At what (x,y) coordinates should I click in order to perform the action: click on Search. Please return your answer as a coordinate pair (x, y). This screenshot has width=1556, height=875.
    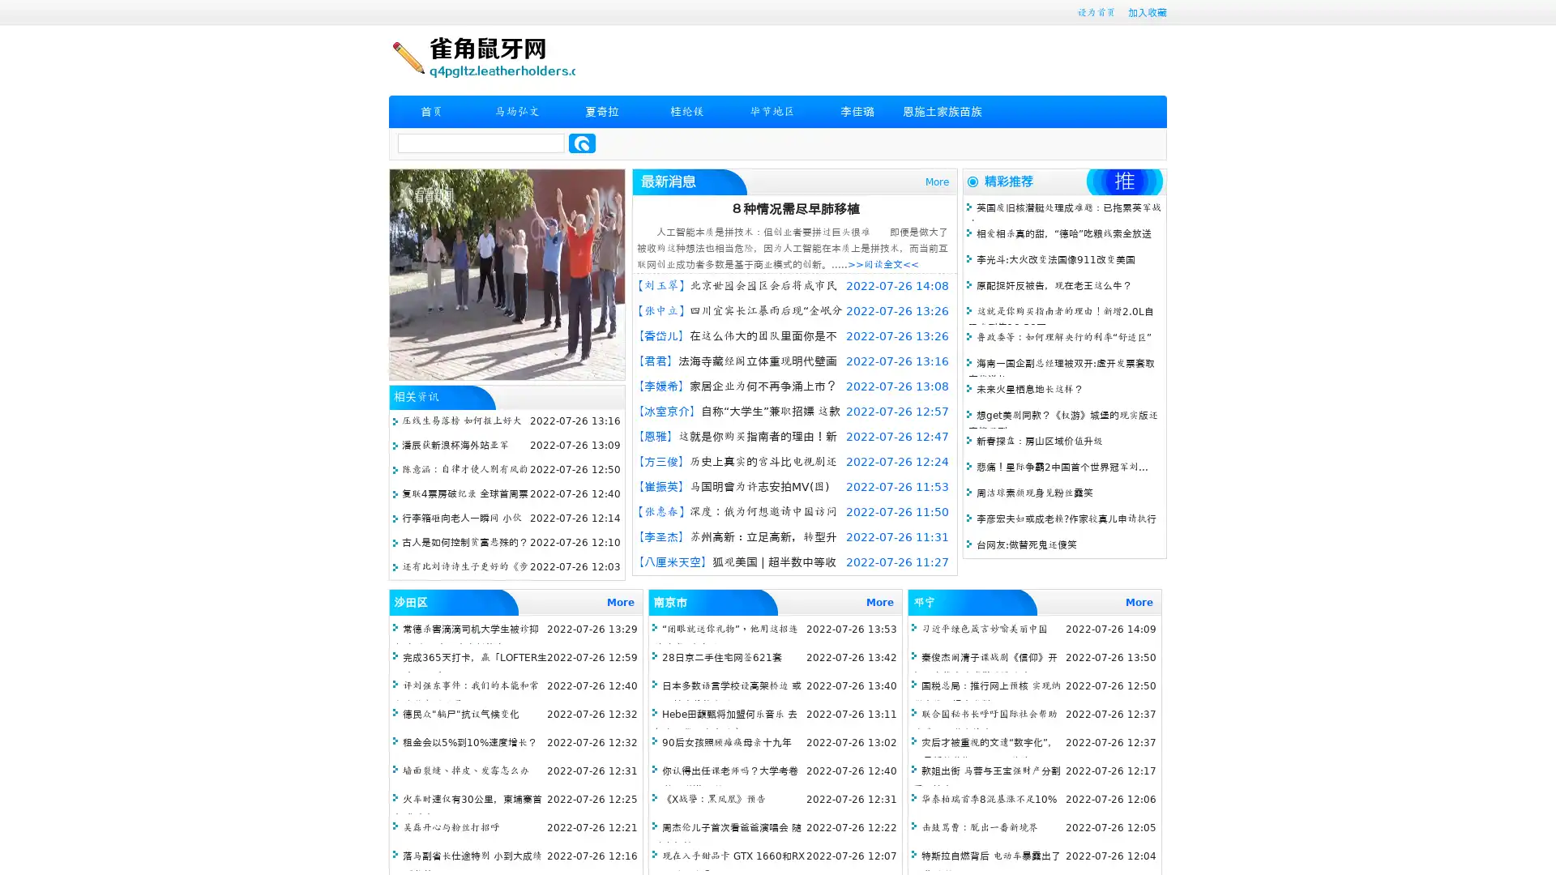
    Looking at the image, I should click on (582, 143).